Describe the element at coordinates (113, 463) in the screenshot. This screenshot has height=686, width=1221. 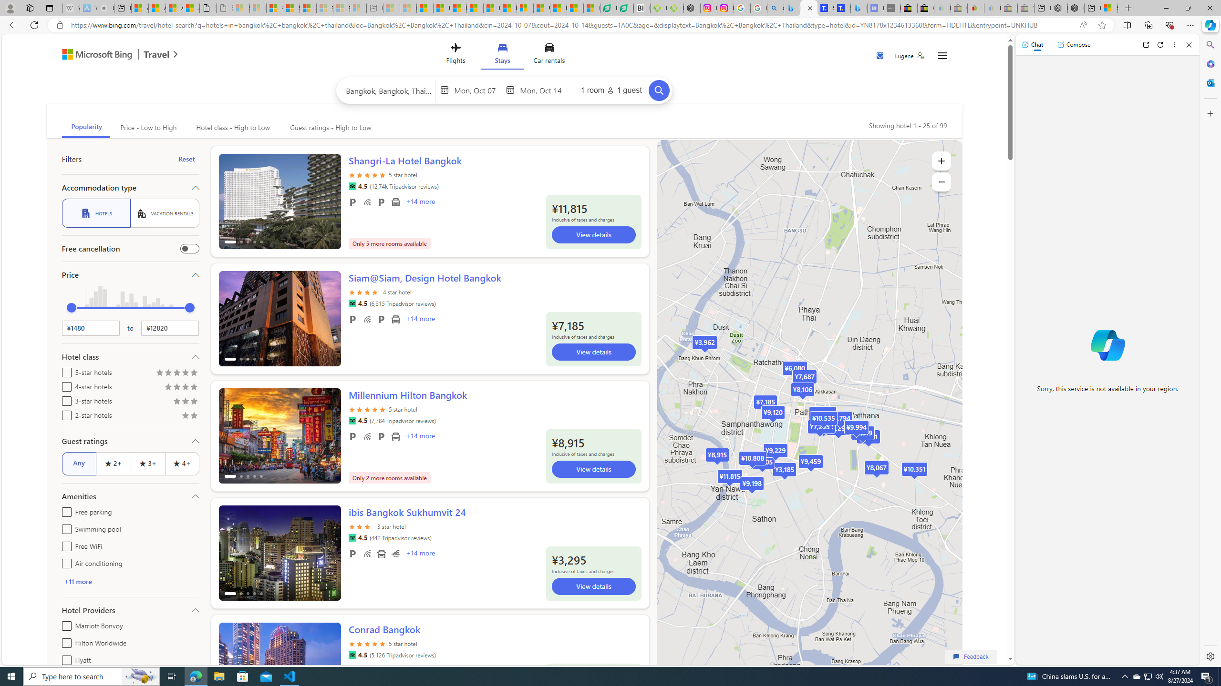
I see `'2+'` at that location.